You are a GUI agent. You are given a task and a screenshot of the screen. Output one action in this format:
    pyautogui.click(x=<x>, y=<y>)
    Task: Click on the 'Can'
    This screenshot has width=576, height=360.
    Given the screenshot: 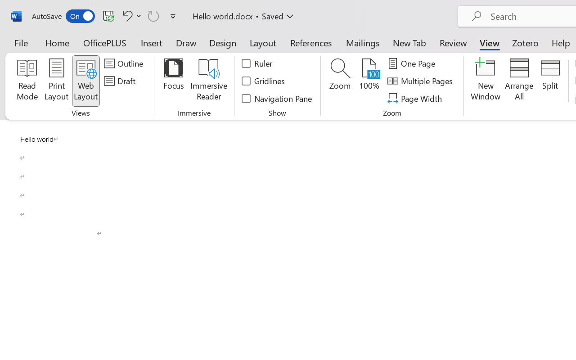 What is the action you would take?
    pyautogui.click(x=153, y=15)
    